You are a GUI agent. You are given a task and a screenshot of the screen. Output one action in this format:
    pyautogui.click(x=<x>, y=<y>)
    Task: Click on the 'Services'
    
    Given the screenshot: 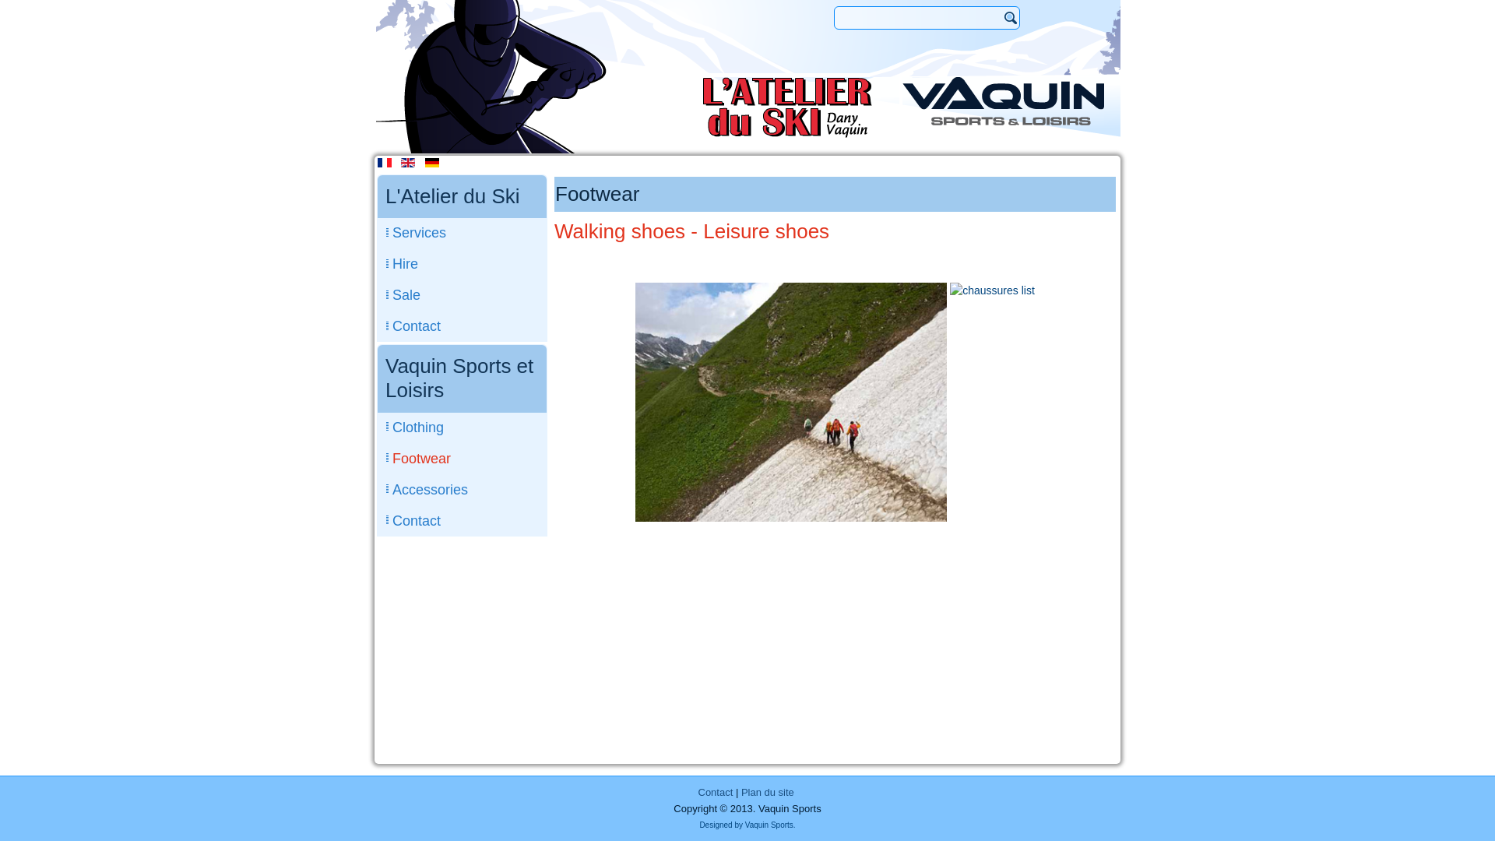 What is the action you would take?
    pyautogui.click(x=461, y=233)
    